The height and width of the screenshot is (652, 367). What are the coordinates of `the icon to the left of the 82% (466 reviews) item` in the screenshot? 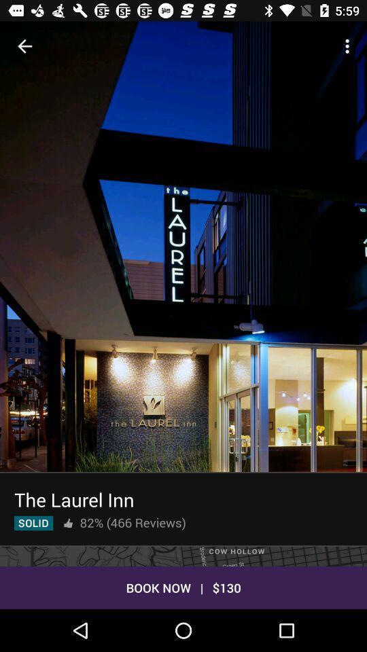 It's located at (67, 522).